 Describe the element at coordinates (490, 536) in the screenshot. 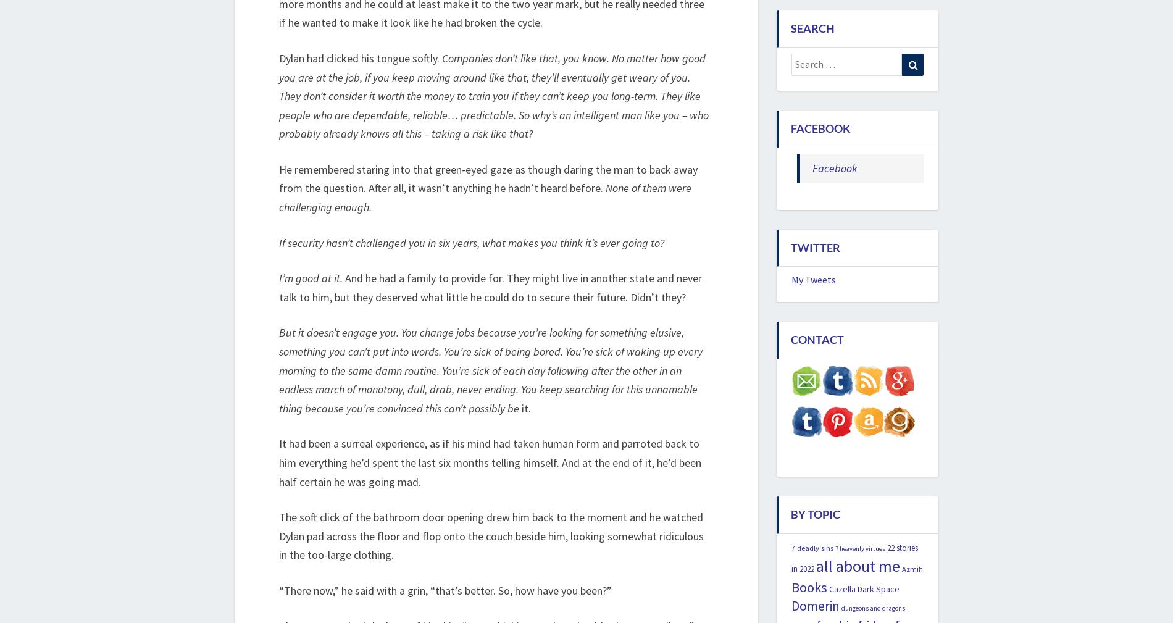

I see `'The soft click of the bathroom door opening drew him back to the moment and he watched Dylan pad across the floor and flop onto the couch beside him, looking somewhat ridiculous in the too-large clothing.'` at that location.